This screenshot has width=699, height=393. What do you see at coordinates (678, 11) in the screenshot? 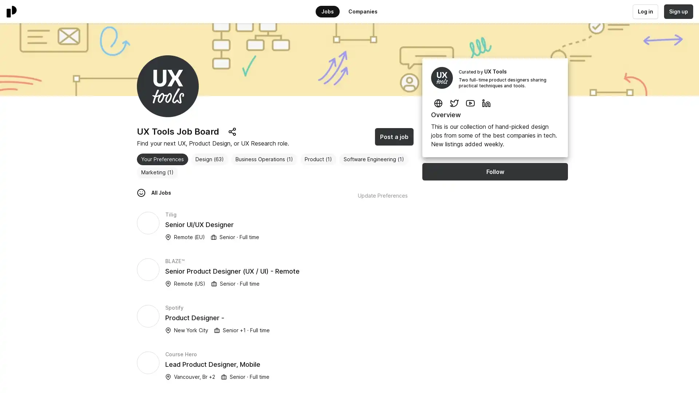
I see `Sign up` at bounding box center [678, 11].